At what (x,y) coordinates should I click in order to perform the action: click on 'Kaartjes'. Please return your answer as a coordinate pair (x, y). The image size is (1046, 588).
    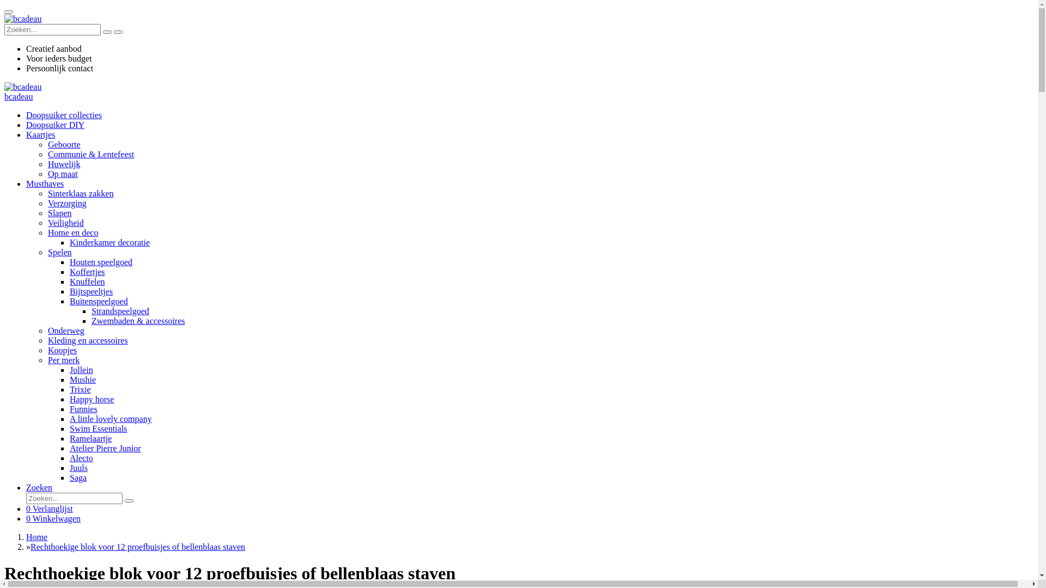
    Looking at the image, I should click on (40, 134).